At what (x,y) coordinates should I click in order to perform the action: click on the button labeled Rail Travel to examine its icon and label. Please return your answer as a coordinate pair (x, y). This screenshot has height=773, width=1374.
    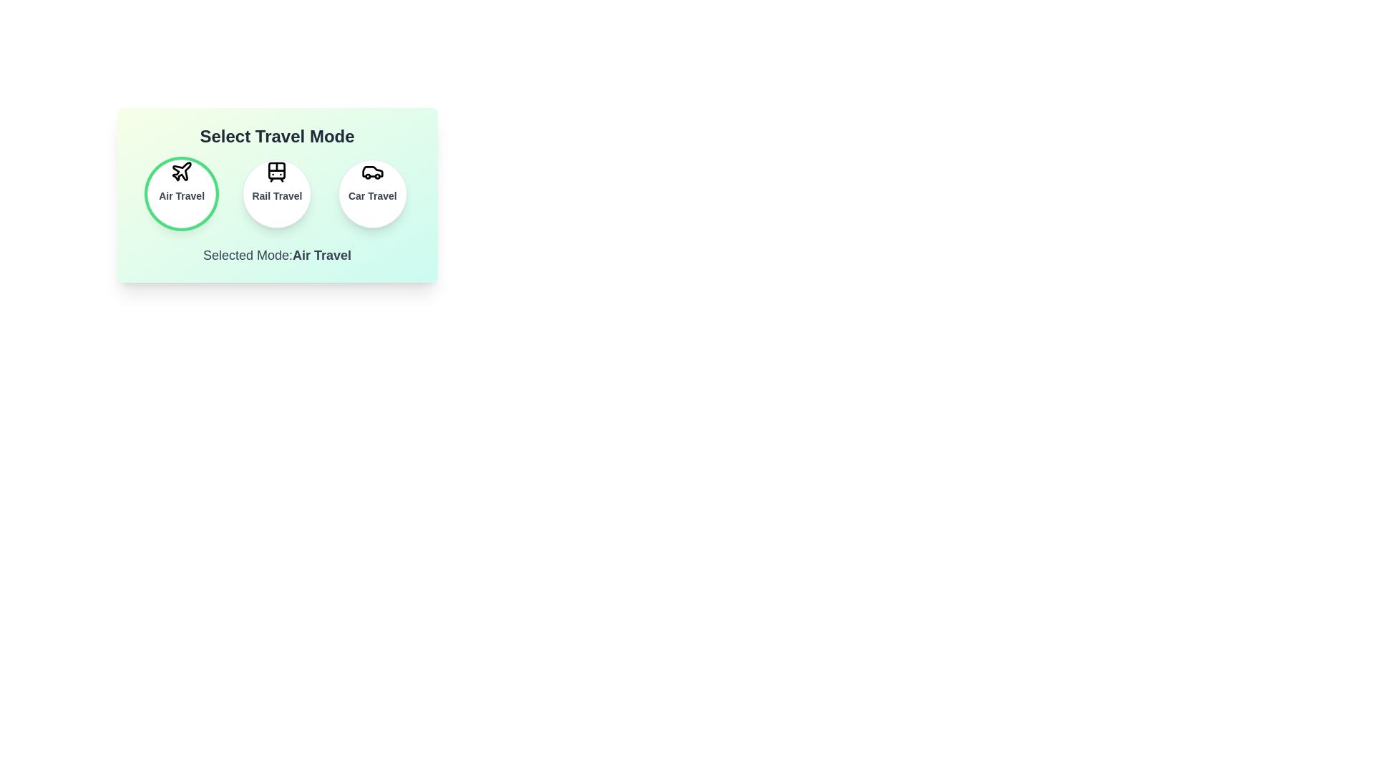
    Looking at the image, I should click on (277, 193).